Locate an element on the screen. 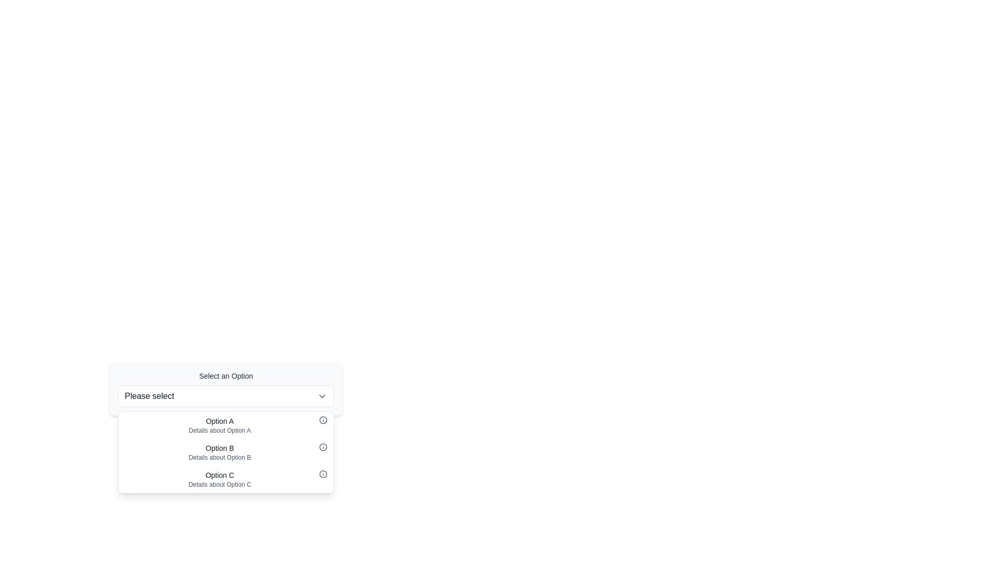 The height and width of the screenshot is (561, 998). the 'Option C' selection in the drop-down menu to prepare for selection is located at coordinates (219, 479).